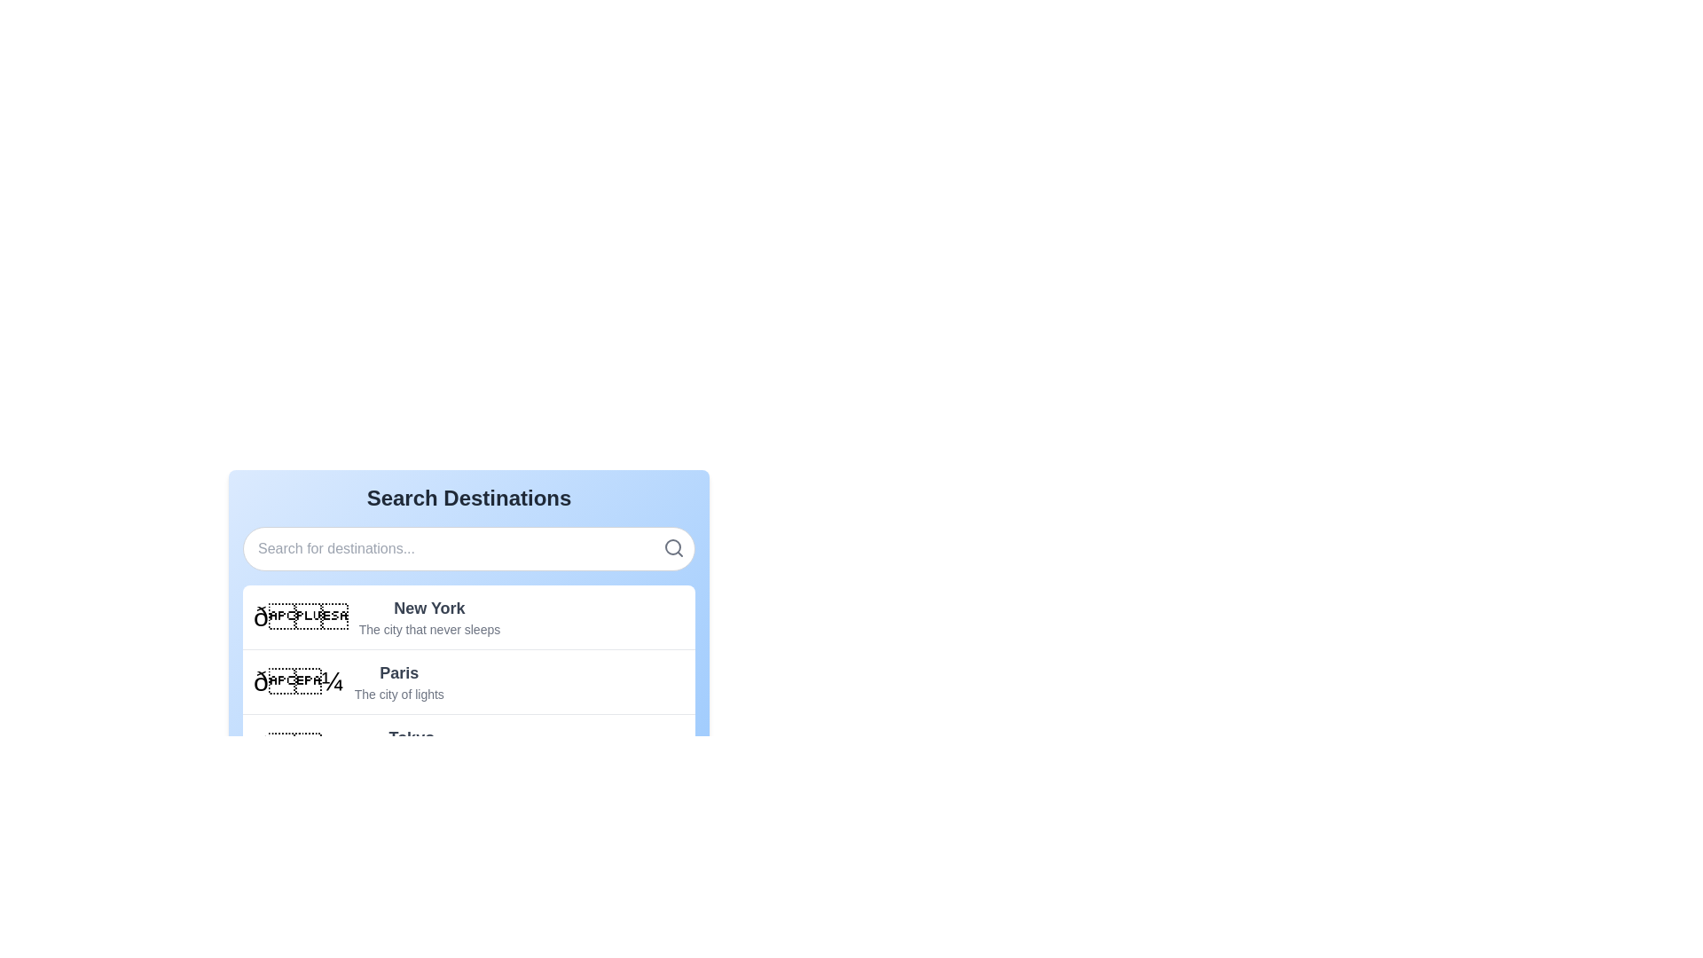 This screenshot has height=958, width=1703. What do you see at coordinates (468, 616) in the screenshot?
I see `the interactive list item labeled 'New York' with a globe emoji` at bounding box center [468, 616].